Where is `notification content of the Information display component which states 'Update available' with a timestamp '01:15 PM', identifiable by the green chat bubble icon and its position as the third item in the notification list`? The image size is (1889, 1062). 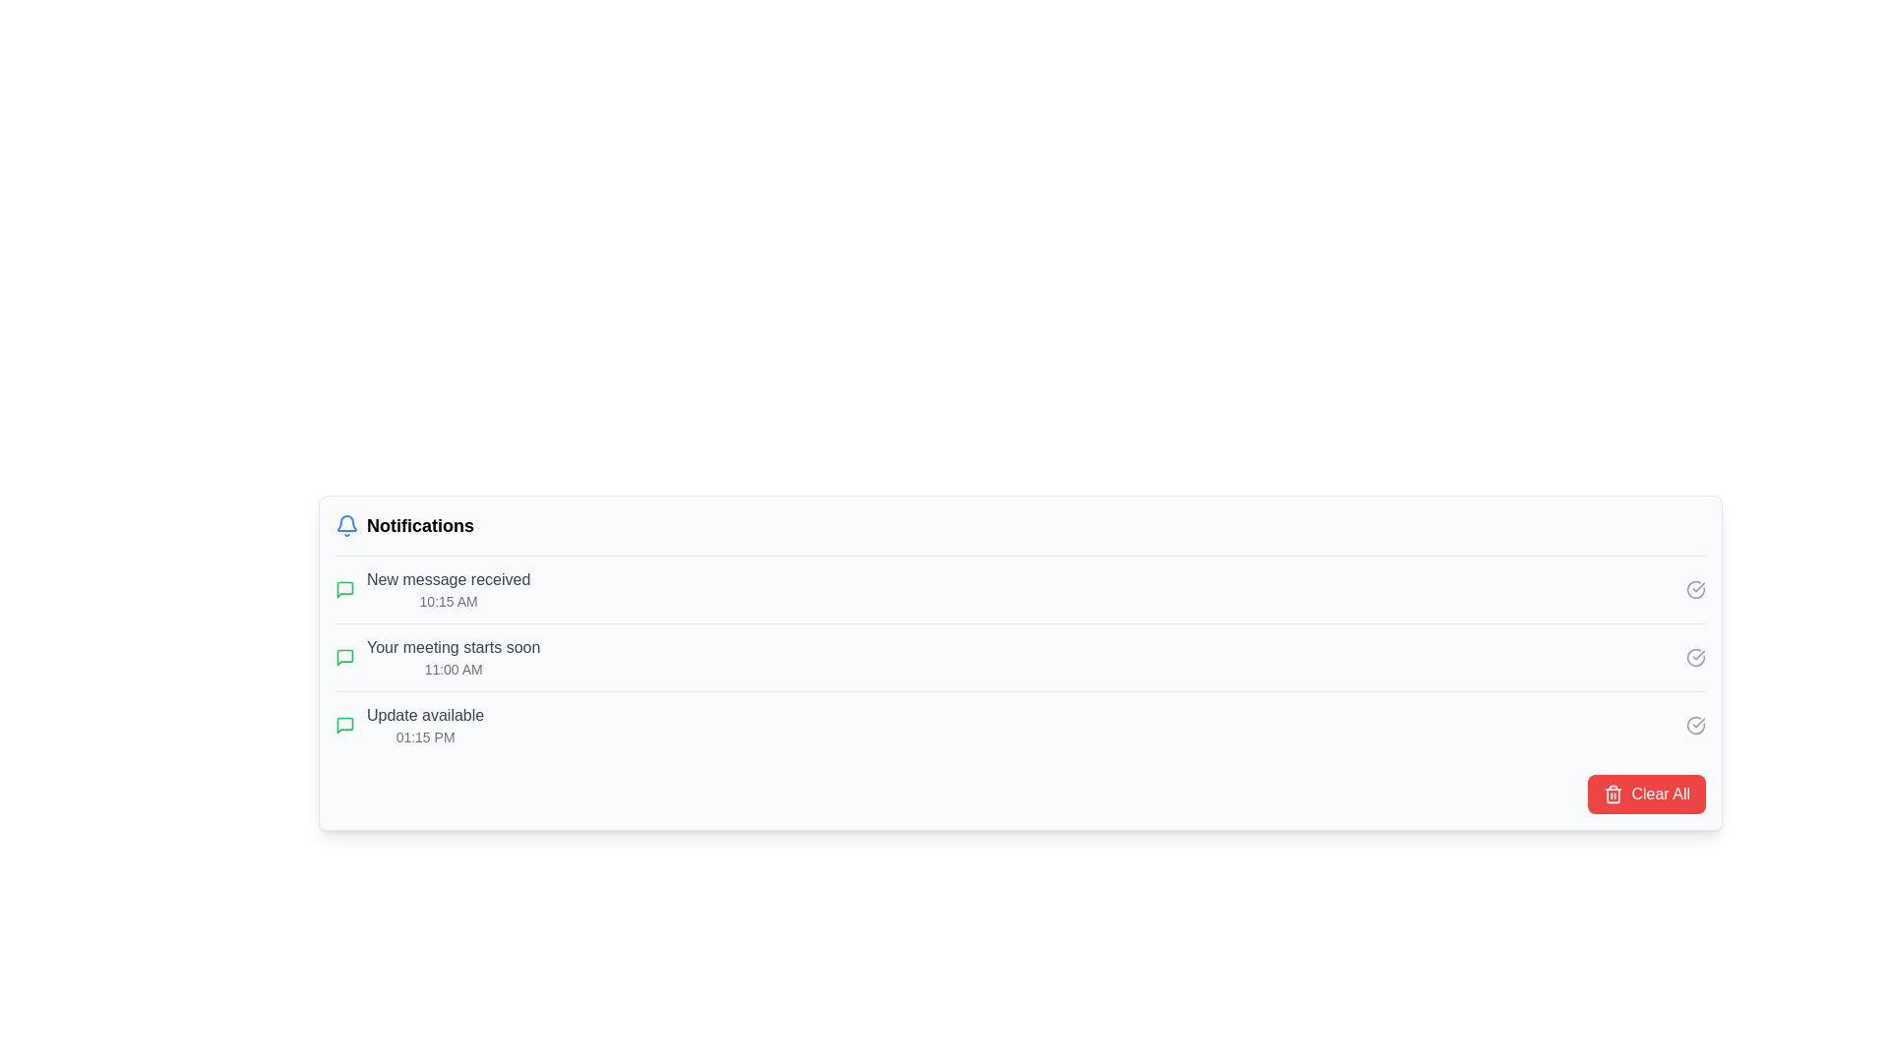
notification content of the Information display component which states 'Update available' with a timestamp '01:15 PM', identifiable by the green chat bubble icon and its position as the third item in the notification list is located at coordinates (408, 725).